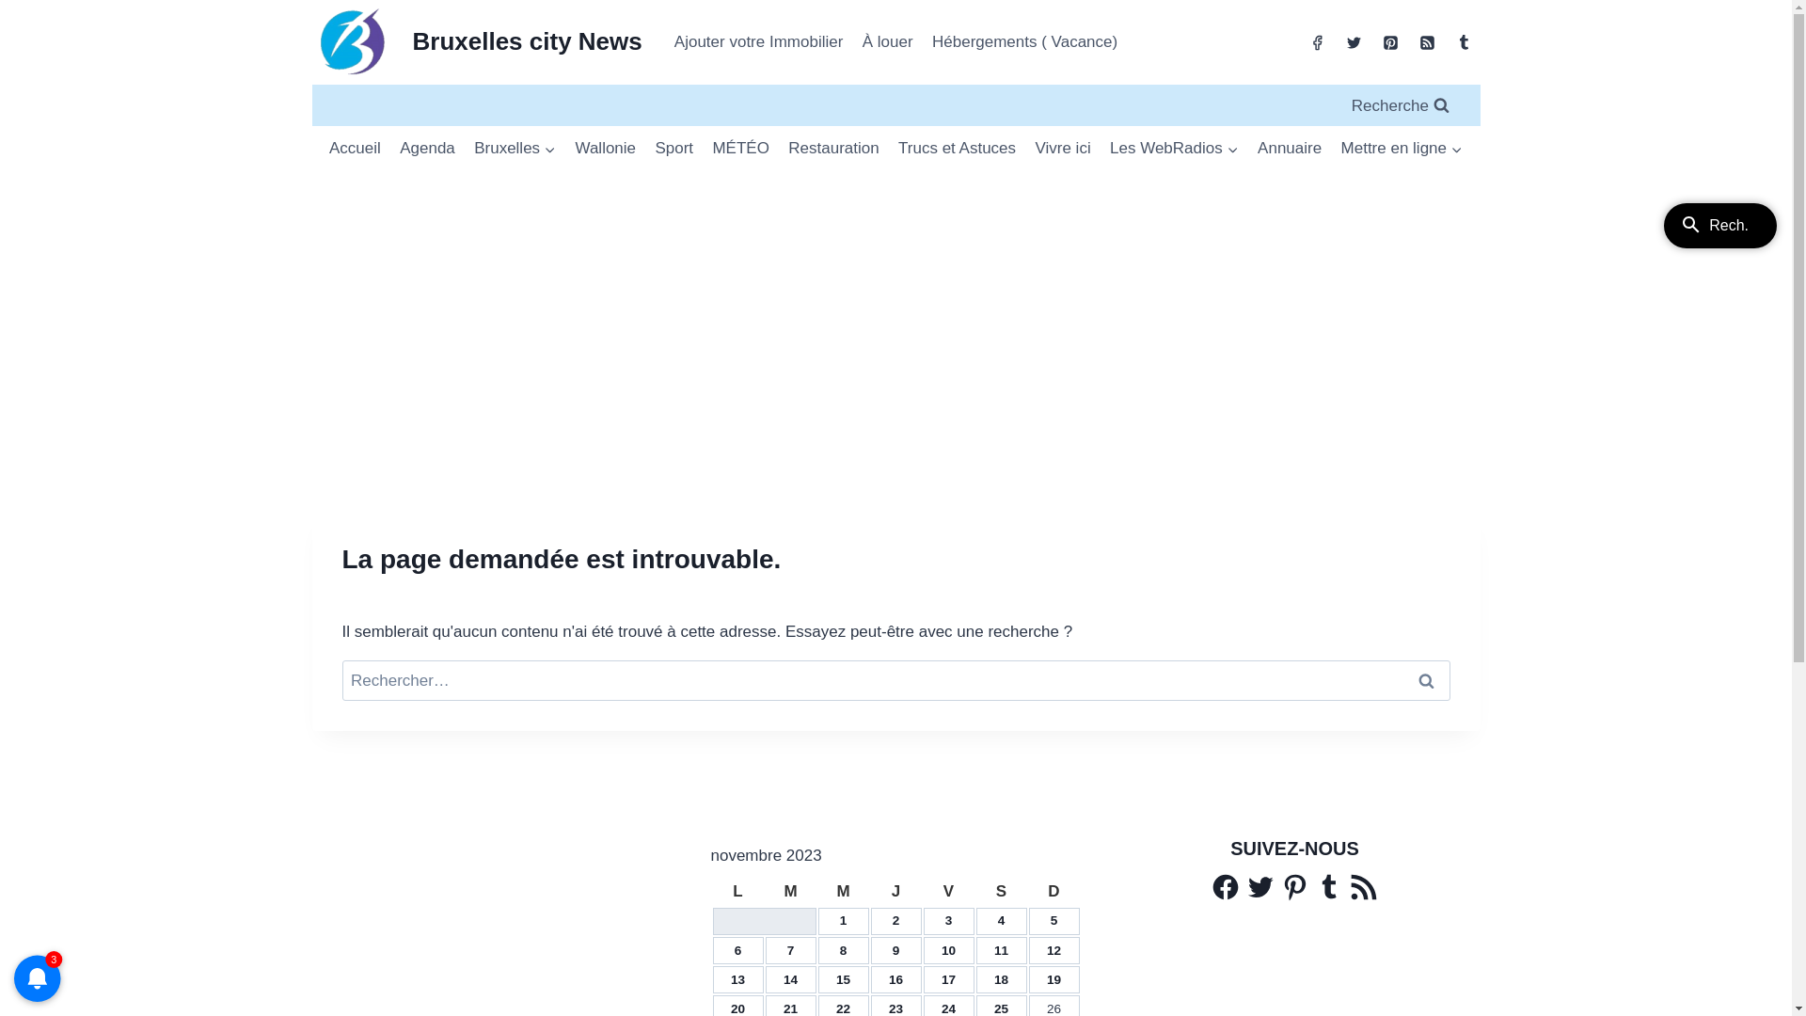  What do you see at coordinates (1062, 148) in the screenshot?
I see `'Vivre ici'` at bounding box center [1062, 148].